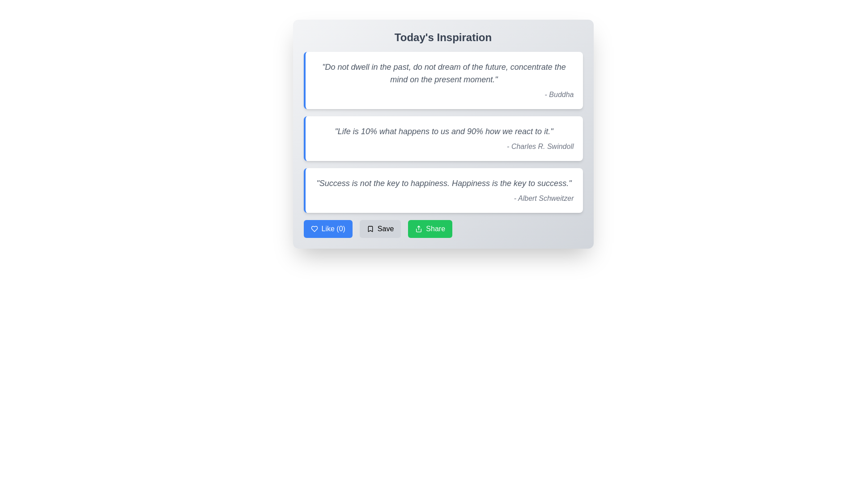 The height and width of the screenshot is (483, 859). What do you see at coordinates (444, 73) in the screenshot?
I see `the italic gray text located inside a white box with a blue left border, positioned above the text '- Buddha'` at bounding box center [444, 73].